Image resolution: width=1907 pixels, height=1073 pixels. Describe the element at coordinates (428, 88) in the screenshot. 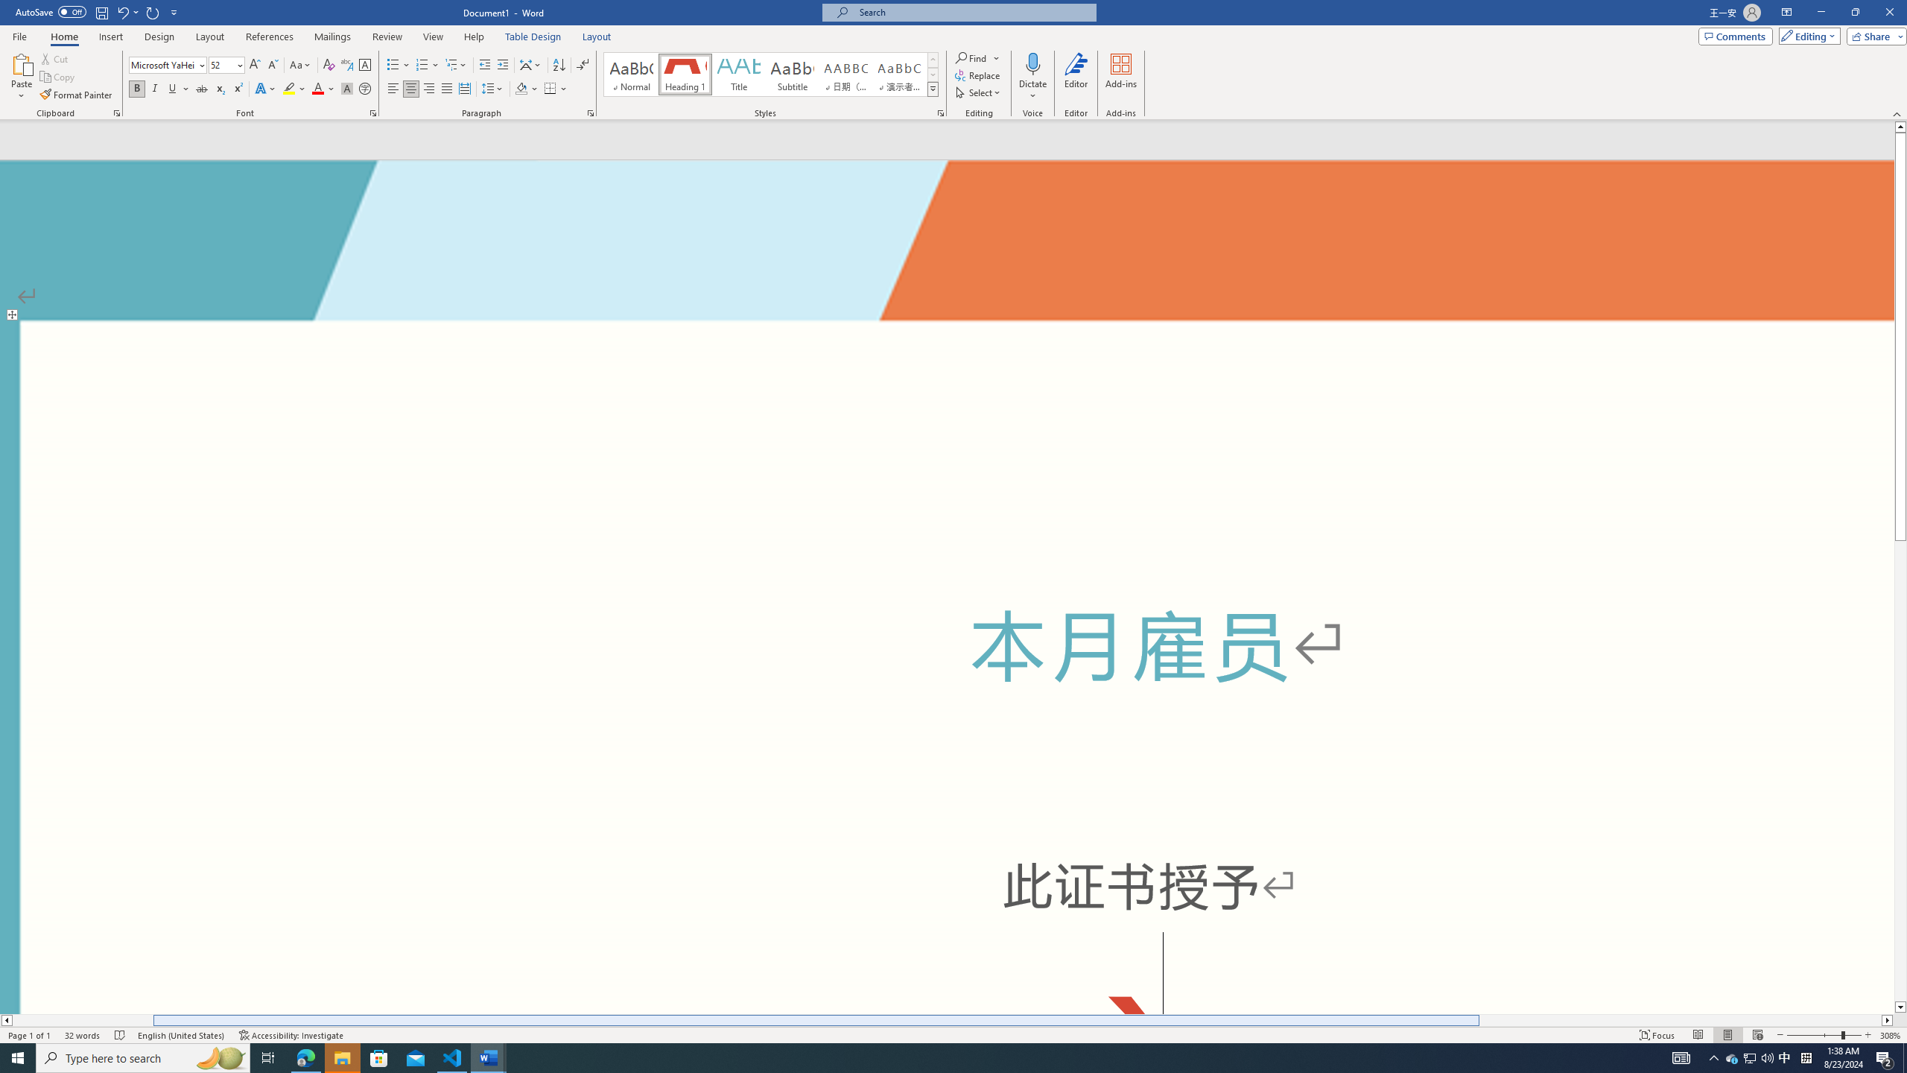

I see `'Align Right'` at that location.